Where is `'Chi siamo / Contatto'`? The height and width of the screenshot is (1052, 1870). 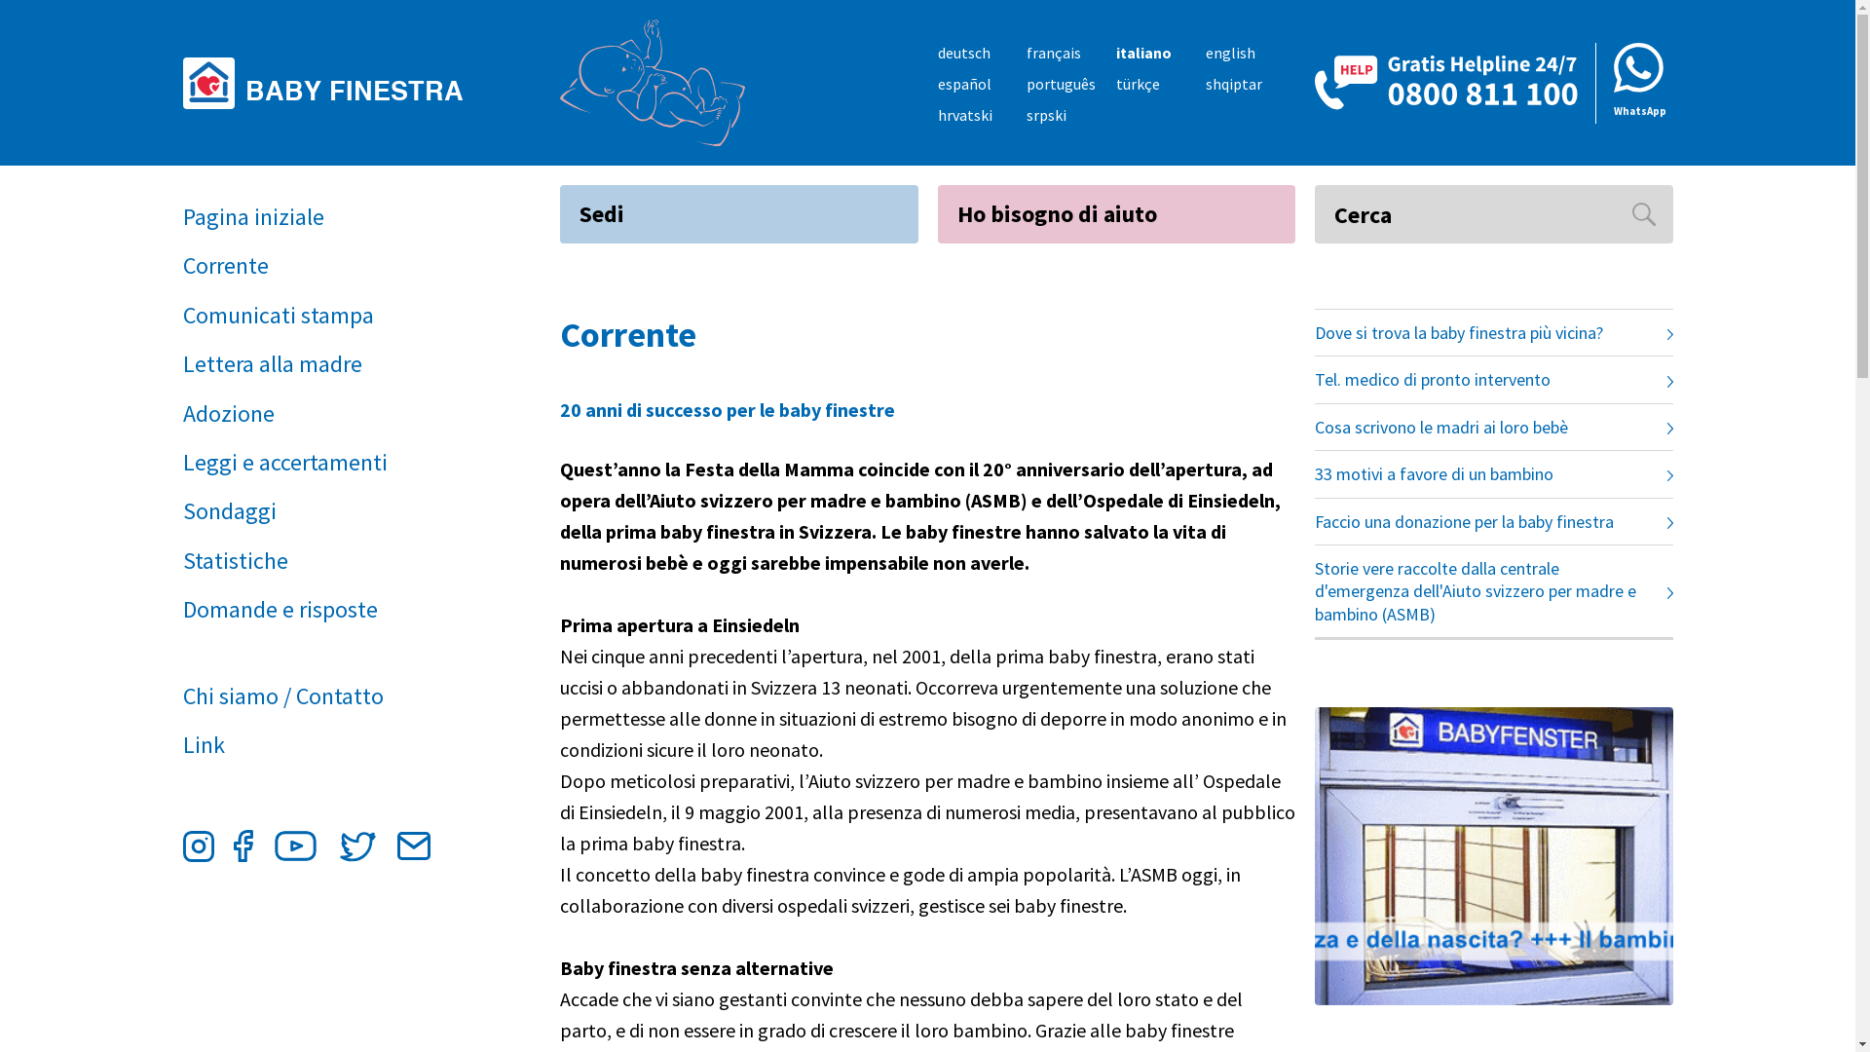 'Chi siamo / Contatto' is located at coordinates (326, 695).